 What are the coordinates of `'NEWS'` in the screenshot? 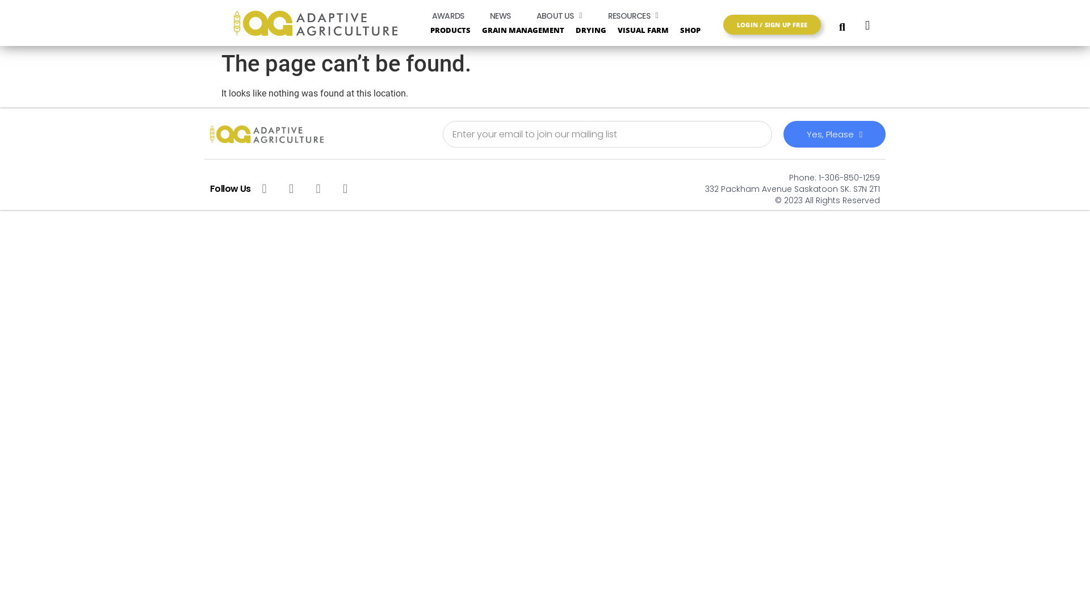 It's located at (500, 15).